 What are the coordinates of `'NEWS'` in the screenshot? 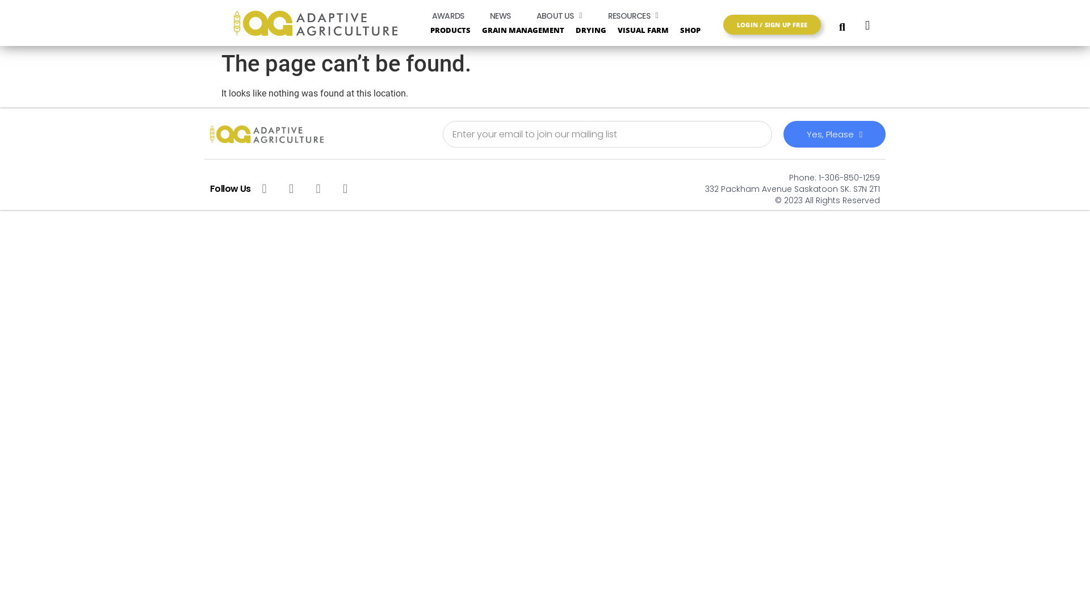 It's located at (500, 15).